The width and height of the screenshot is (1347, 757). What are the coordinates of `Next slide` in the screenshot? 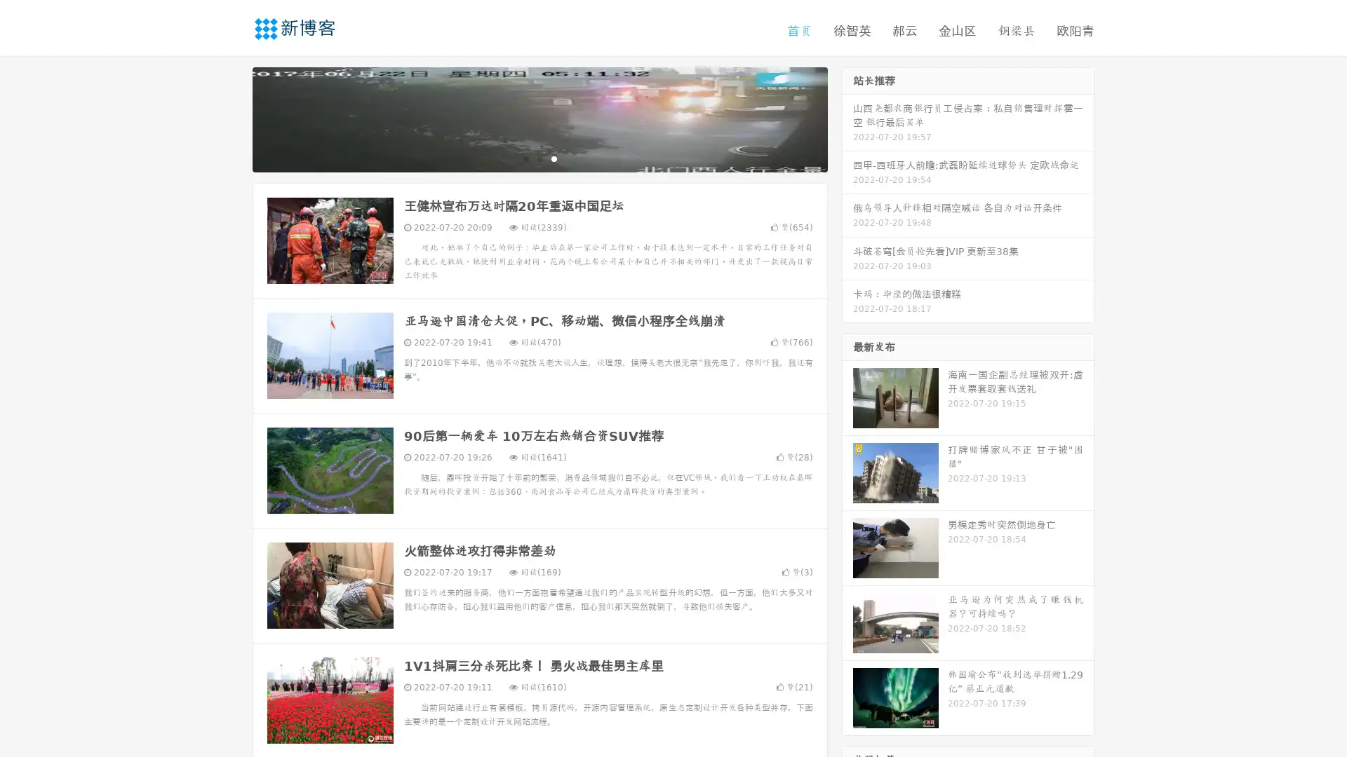 It's located at (847, 118).